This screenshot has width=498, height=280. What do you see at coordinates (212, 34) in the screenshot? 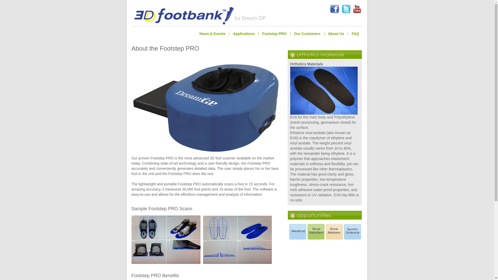
I see `'News & Events'` at bounding box center [212, 34].